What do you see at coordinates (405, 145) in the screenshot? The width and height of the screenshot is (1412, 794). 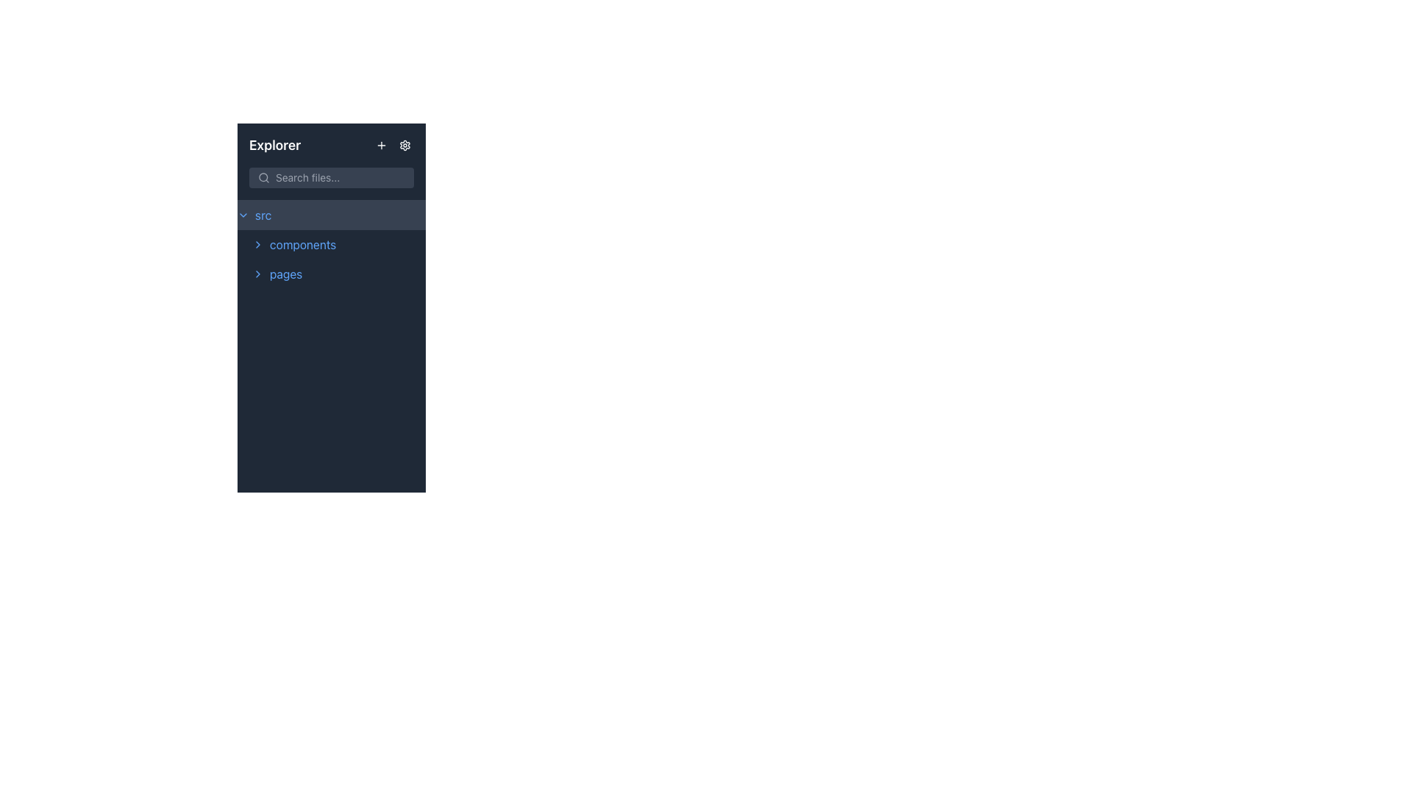 I see `the cogwheel icon located at the top-right corner of the Explorer panel` at bounding box center [405, 145].